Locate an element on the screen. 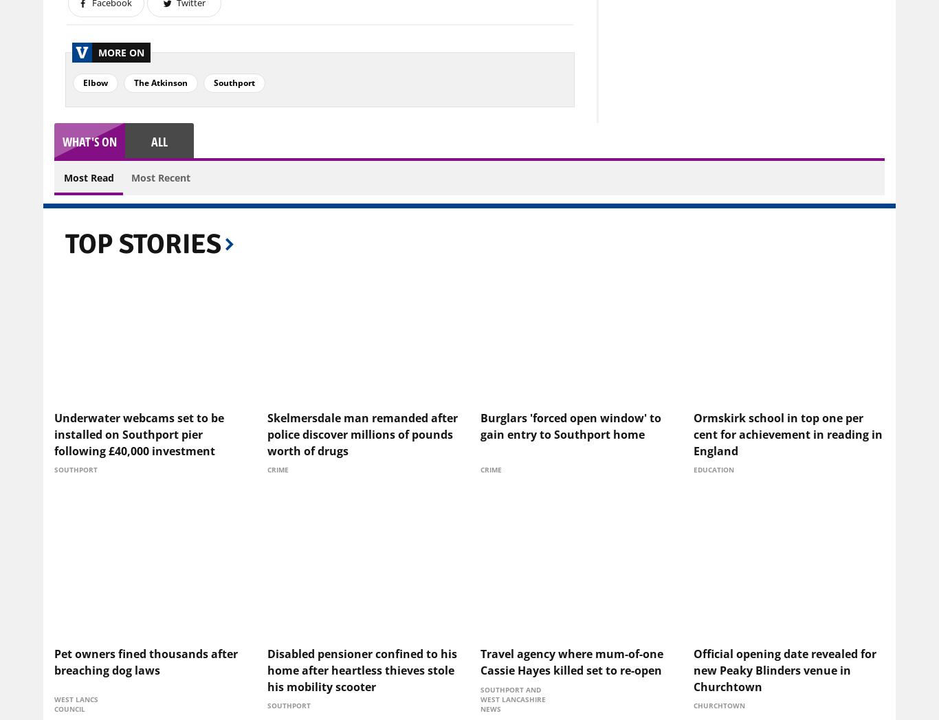  'Most Read' is located at coordinates (87, 177).